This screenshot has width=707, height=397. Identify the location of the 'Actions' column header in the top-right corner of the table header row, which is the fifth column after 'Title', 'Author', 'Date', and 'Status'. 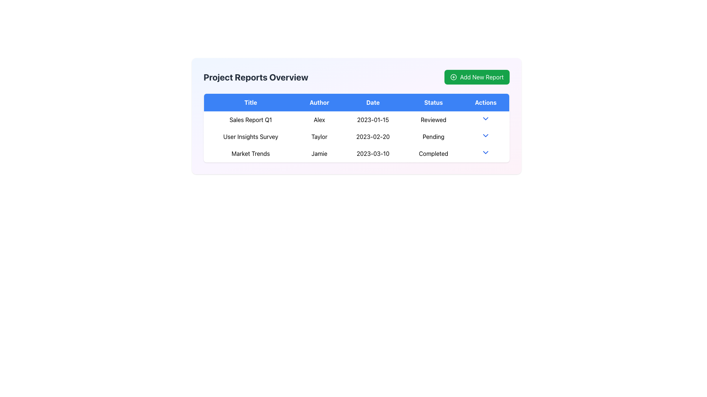
(486, 102).